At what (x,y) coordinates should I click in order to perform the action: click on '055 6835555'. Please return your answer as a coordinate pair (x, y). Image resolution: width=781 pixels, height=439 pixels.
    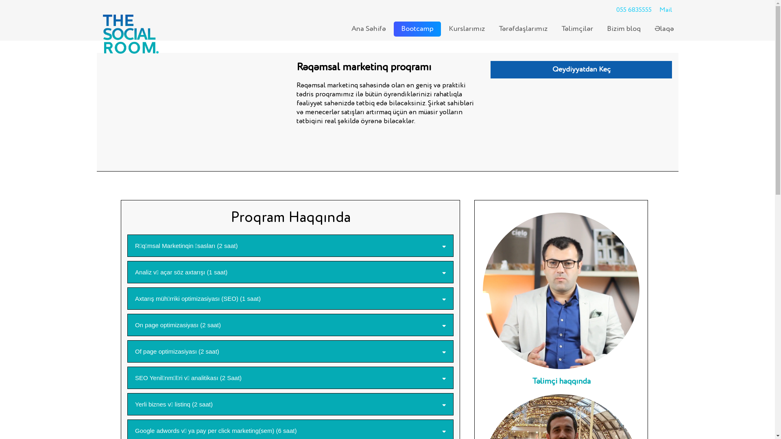
    Looking at the image, I should click on (616, 10).